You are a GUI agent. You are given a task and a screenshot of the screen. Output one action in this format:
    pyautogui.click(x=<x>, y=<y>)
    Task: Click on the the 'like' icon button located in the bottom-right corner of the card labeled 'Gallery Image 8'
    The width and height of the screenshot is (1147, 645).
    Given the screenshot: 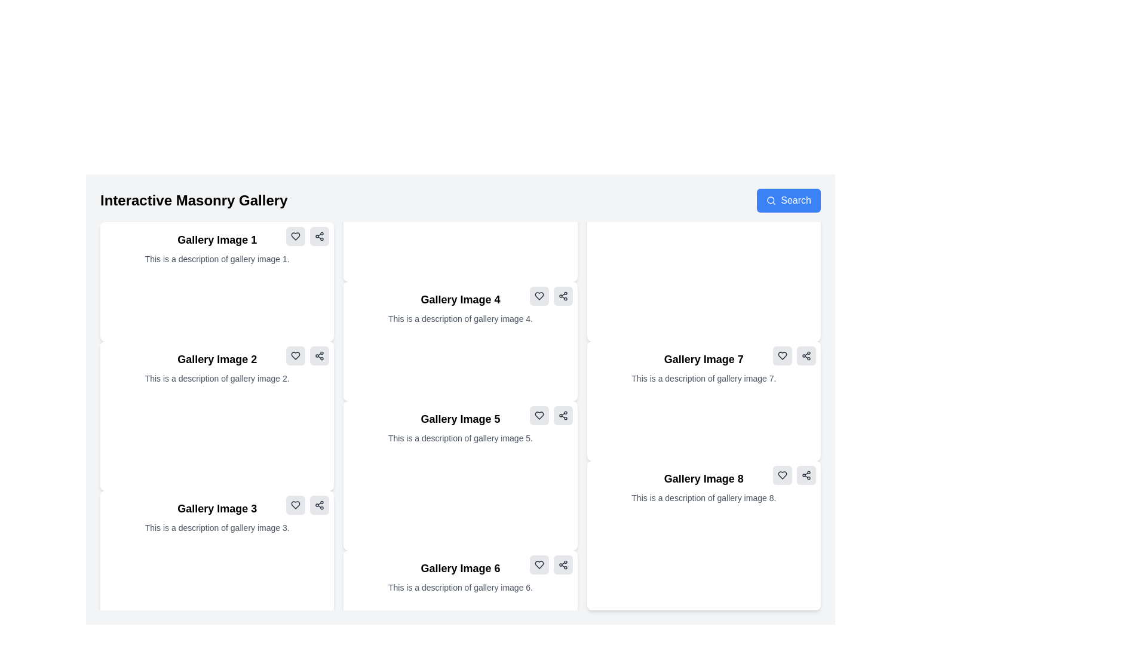 What is the action you would take?
    pyautogui.click(x=783, y=474)
    